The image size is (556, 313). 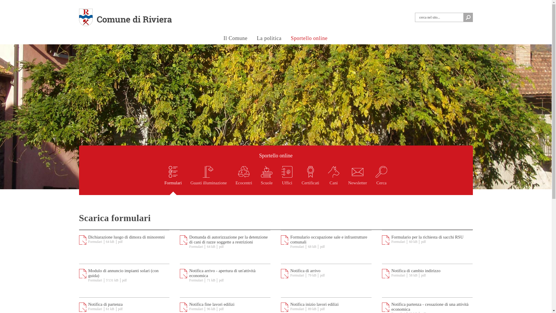 I want to click on 'Formulari', so click(x=173, y=180).